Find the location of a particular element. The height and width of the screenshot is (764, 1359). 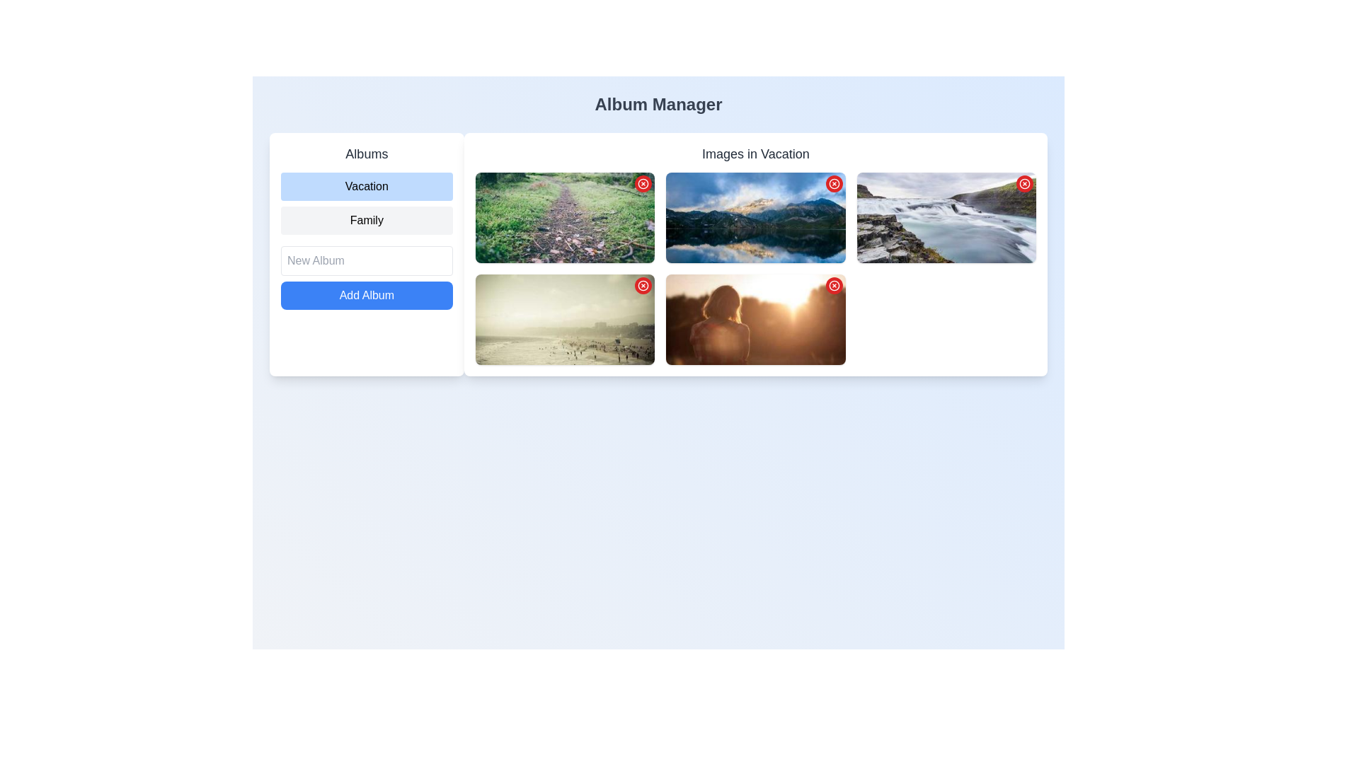

the small, circular red button with a white border and an 'X' icon located in the top right corner of the river scene image in the 'Images in Vacation' section of the Album Manager interface is located at coordinates (1025, 183).